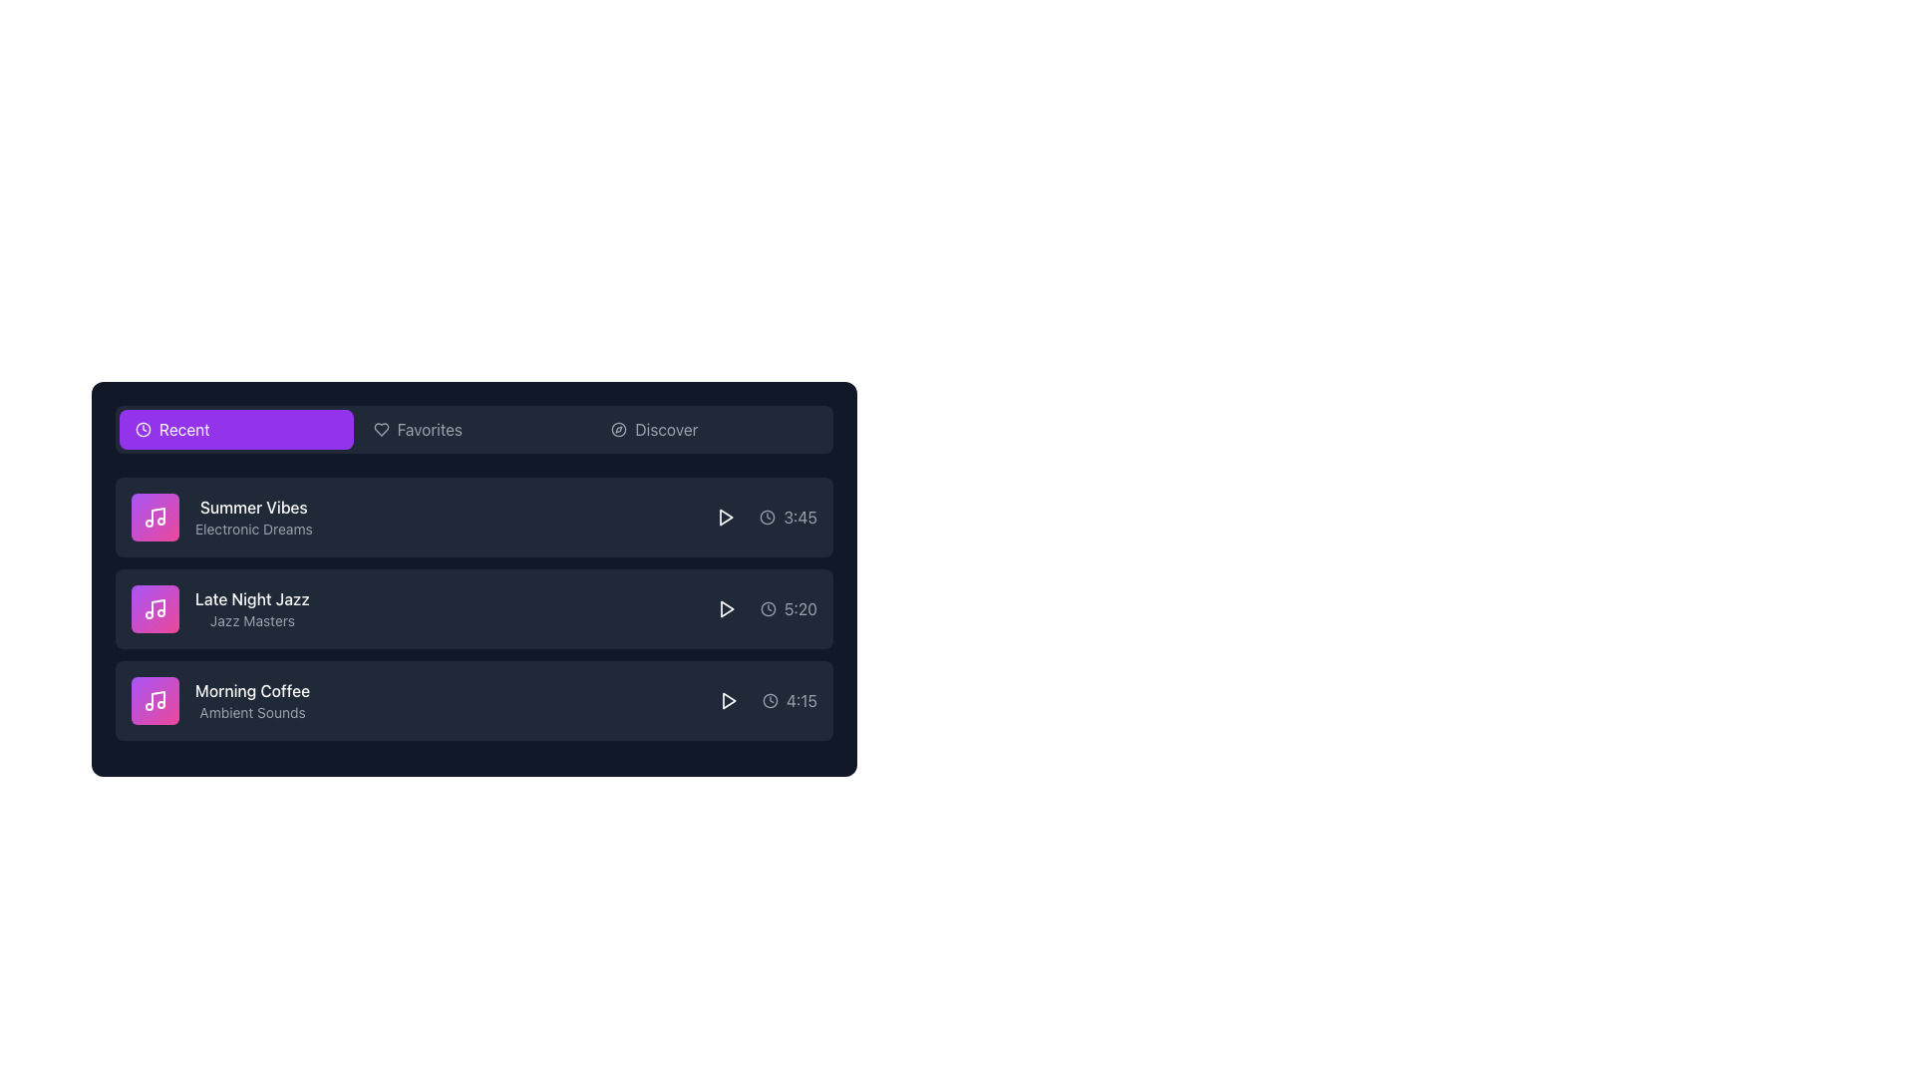 The height and width of the screenshot is (1077, 1914). What do you see at coordinates (769, 699) in the screenshot?
I see `the time indicator icon located on the far right of the 'Morning Coffee' row, adjacent to the text '4:15'` at bounding box center [769, 699].